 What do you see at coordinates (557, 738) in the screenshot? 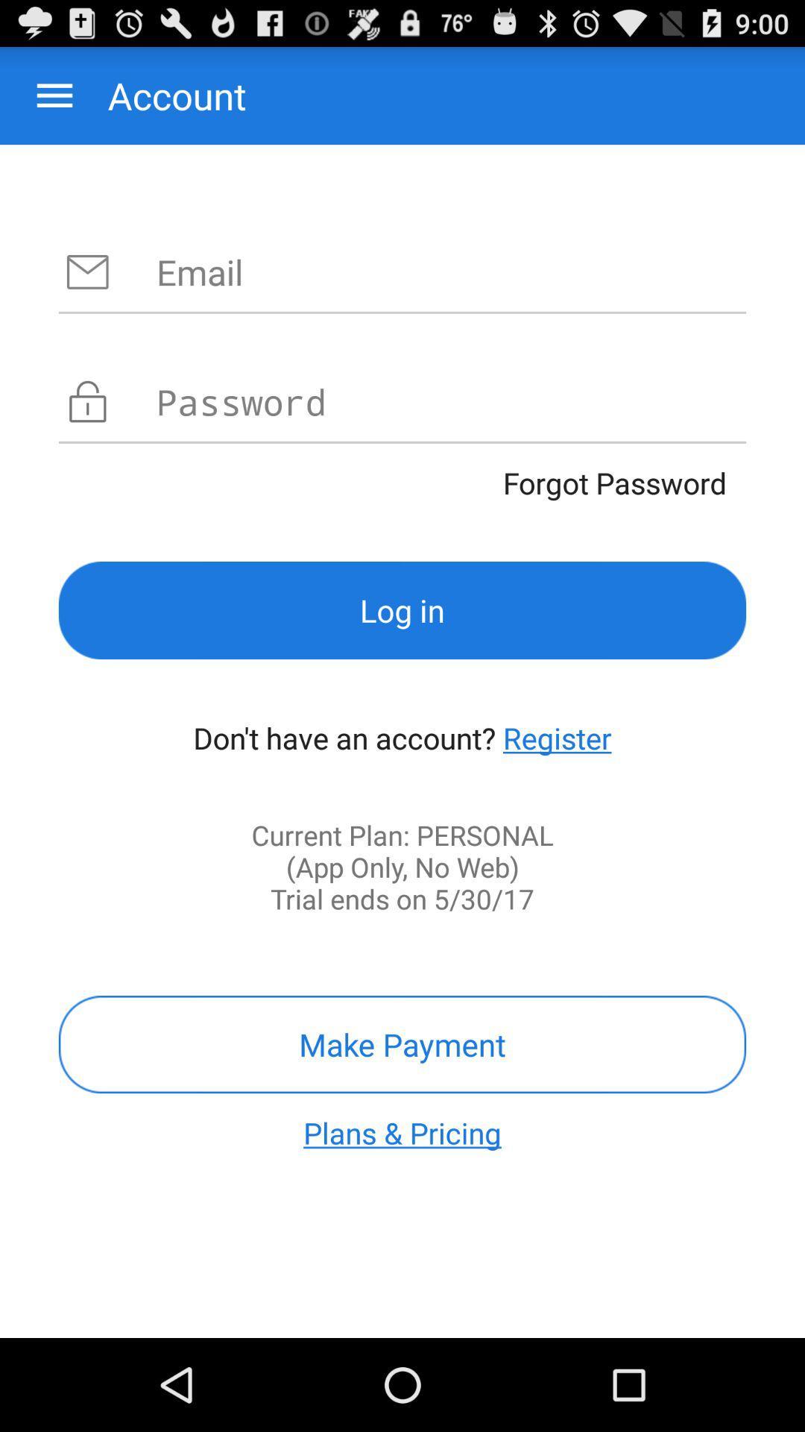
I see `the icon to the right of the don t have app` at bounding box center [557, 738].